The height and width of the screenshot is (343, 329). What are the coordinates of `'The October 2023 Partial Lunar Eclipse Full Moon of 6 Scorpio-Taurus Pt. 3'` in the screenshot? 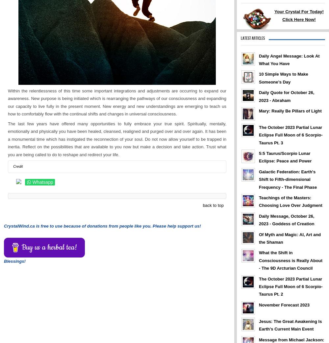 It's located at (291, 135).